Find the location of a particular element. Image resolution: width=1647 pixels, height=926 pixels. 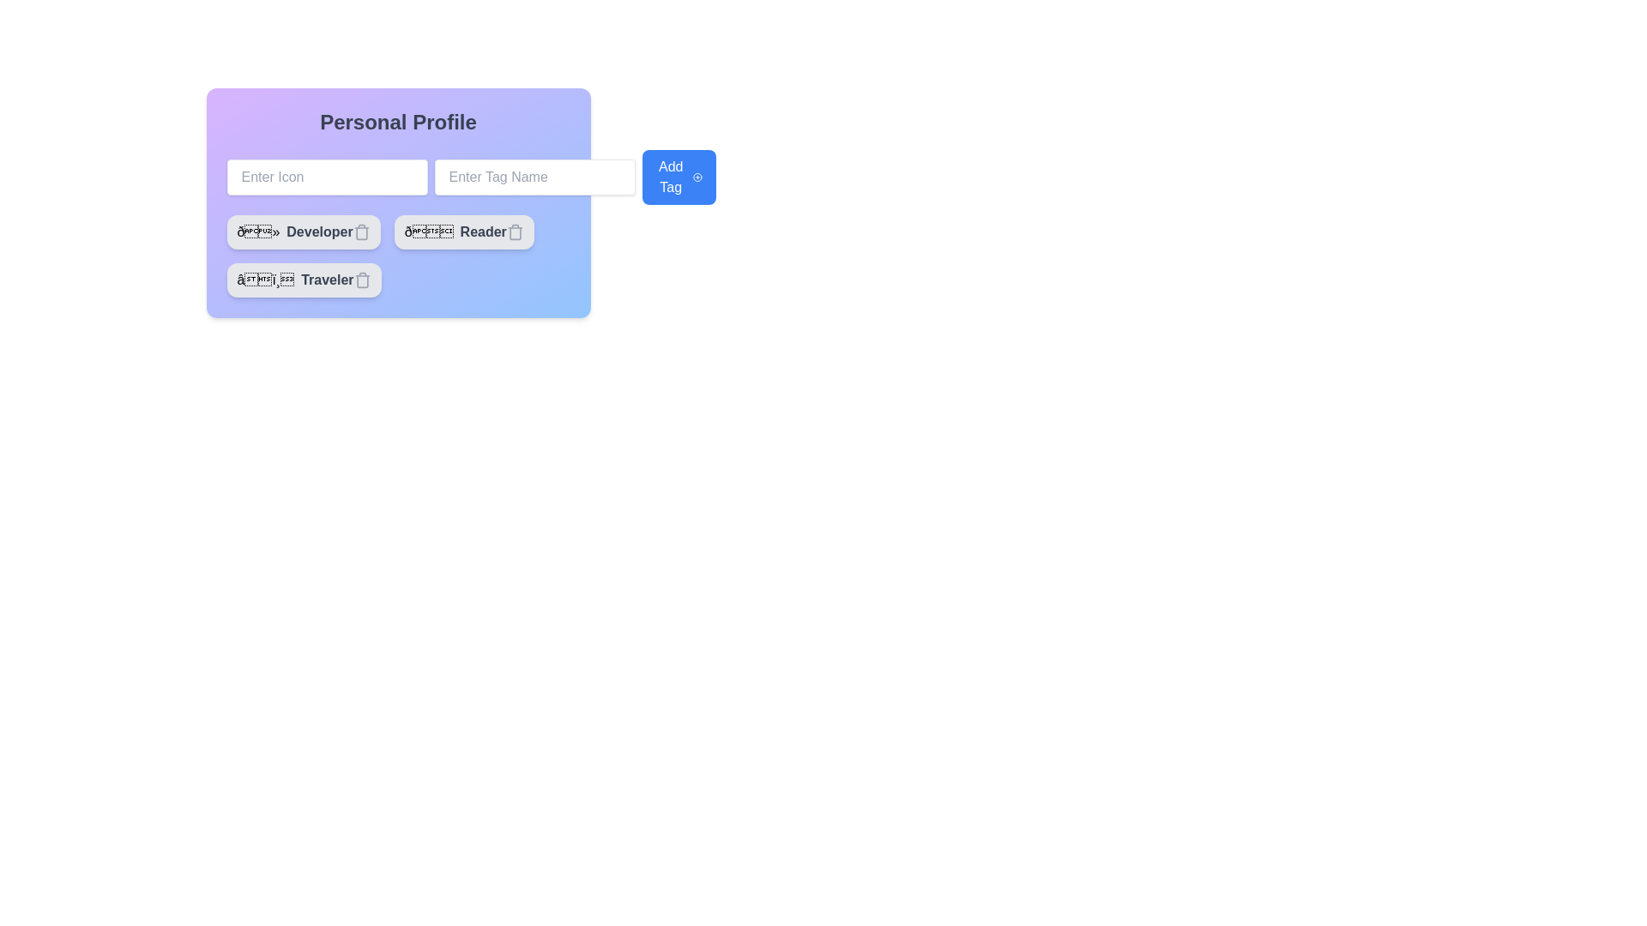

the small trash can icon located on the far right side of the 'Reader' button within the 'Personal Profile' card is located at coordinates (514, 231).